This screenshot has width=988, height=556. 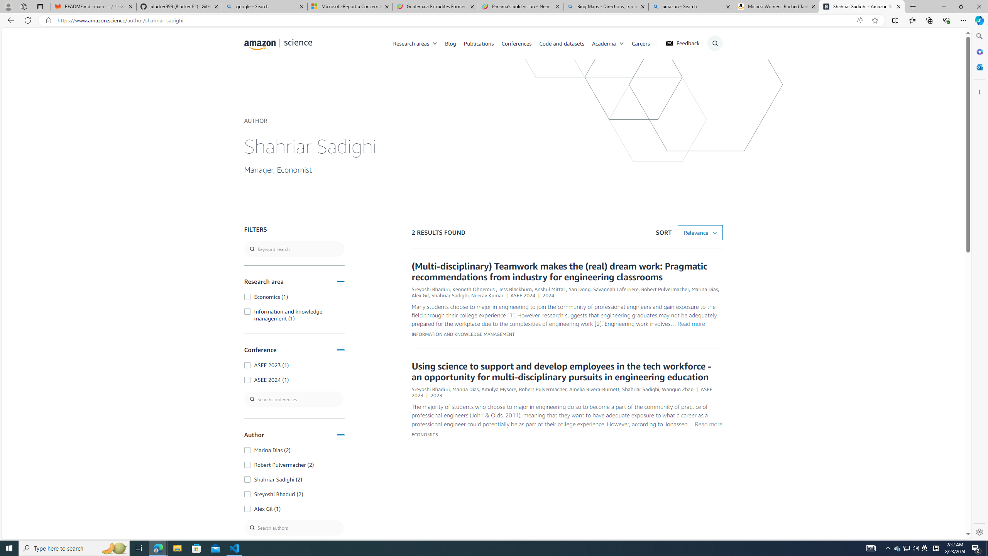 I want to click on 'Class: chevron', so click(x=621, y=45).